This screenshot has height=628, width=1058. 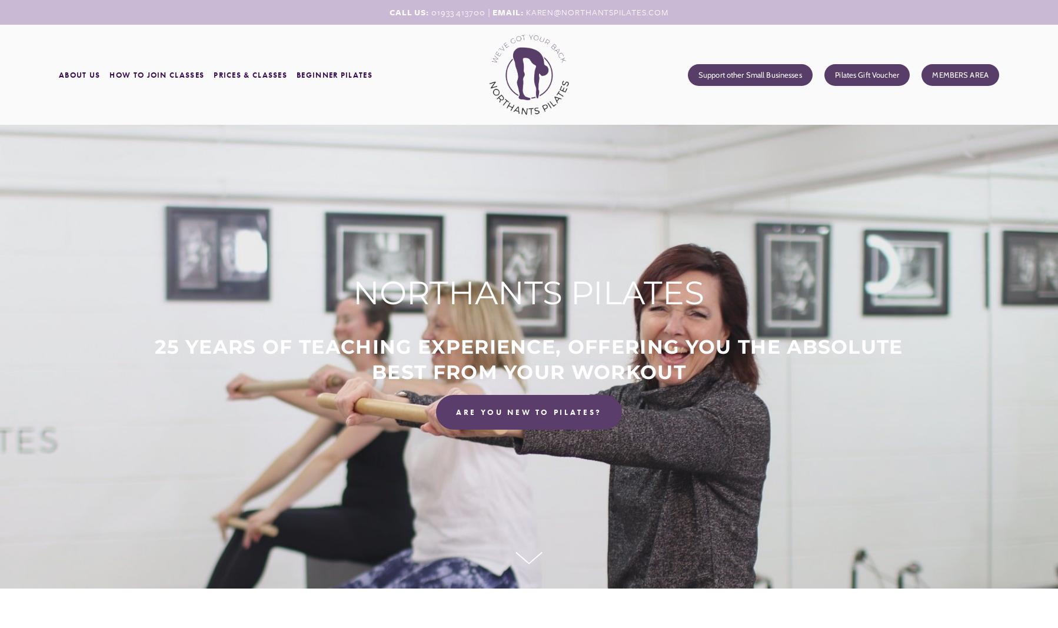 I want to click on 'Beginner Pilates', so click(x=334, y=74).